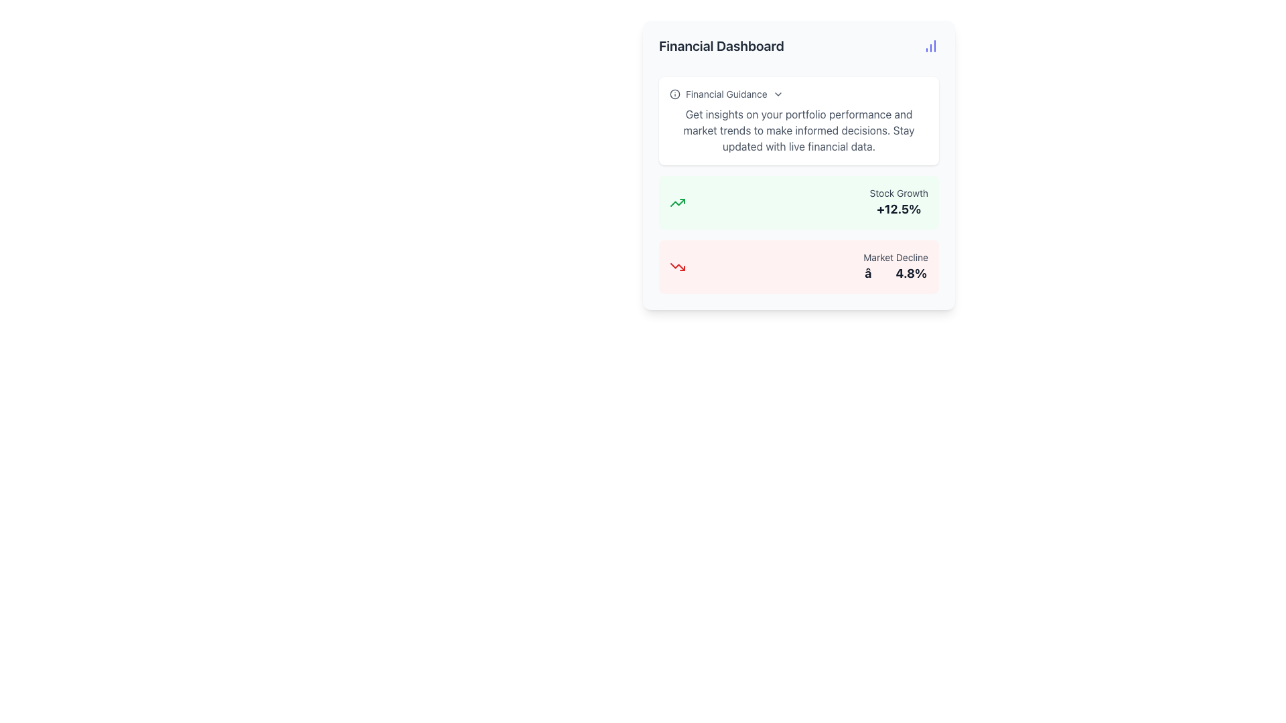 Image resolution: width=1286 pixels, height=723 pixels. Describe the element at coordinates (778, 94) in the screenshot. I see `the downward-facing chevron arrow icon located to the right of the 'Financial Guidance' label` at that location.